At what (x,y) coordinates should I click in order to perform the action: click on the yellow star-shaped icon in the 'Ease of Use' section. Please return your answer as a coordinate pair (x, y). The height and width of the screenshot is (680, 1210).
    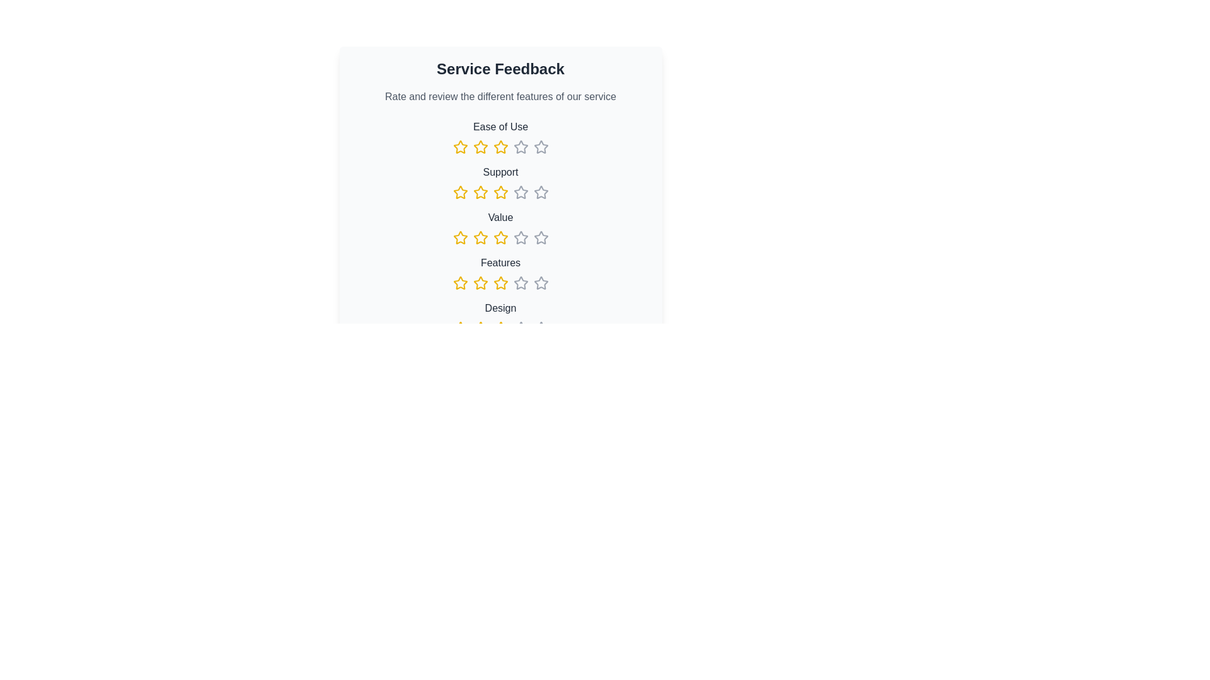
    Looking at the image, I should click on (500, 146).